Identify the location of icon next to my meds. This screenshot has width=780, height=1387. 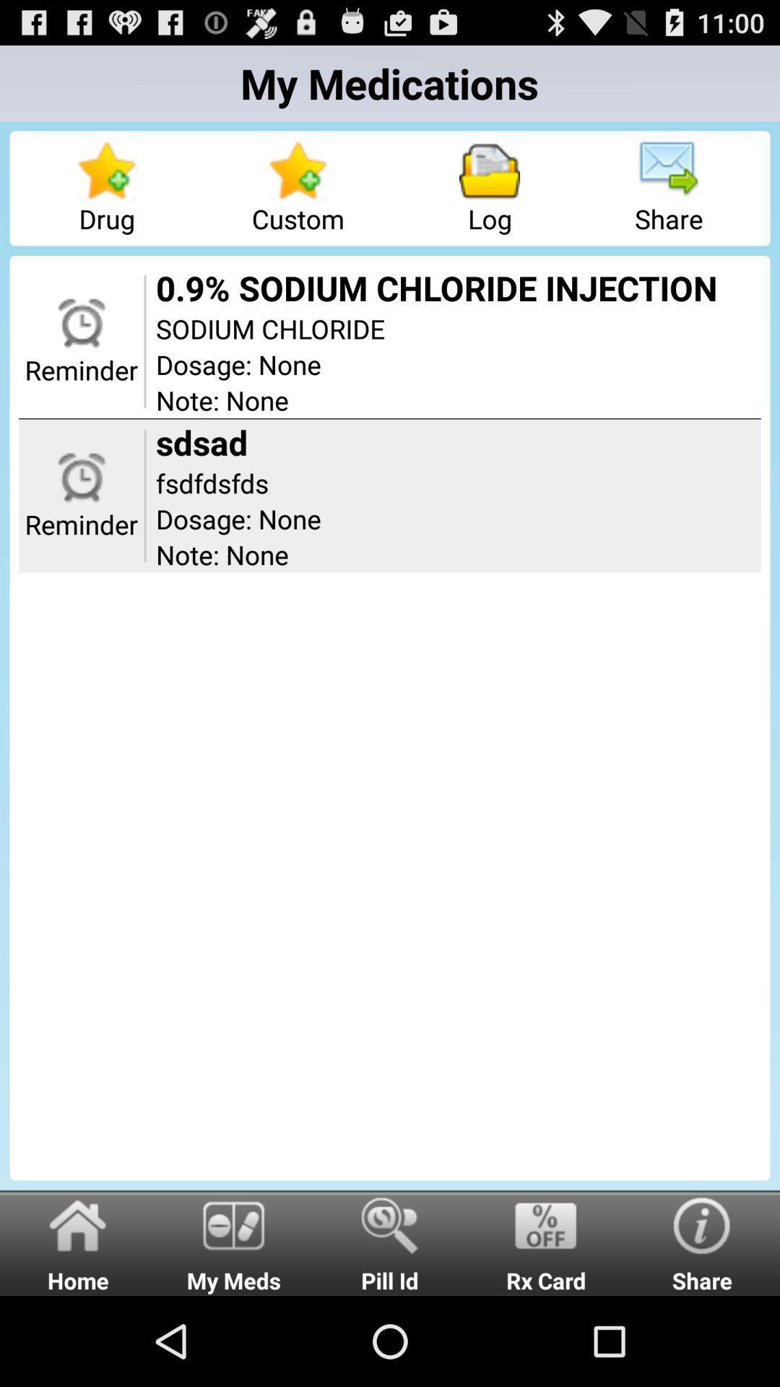
(78, 1242).